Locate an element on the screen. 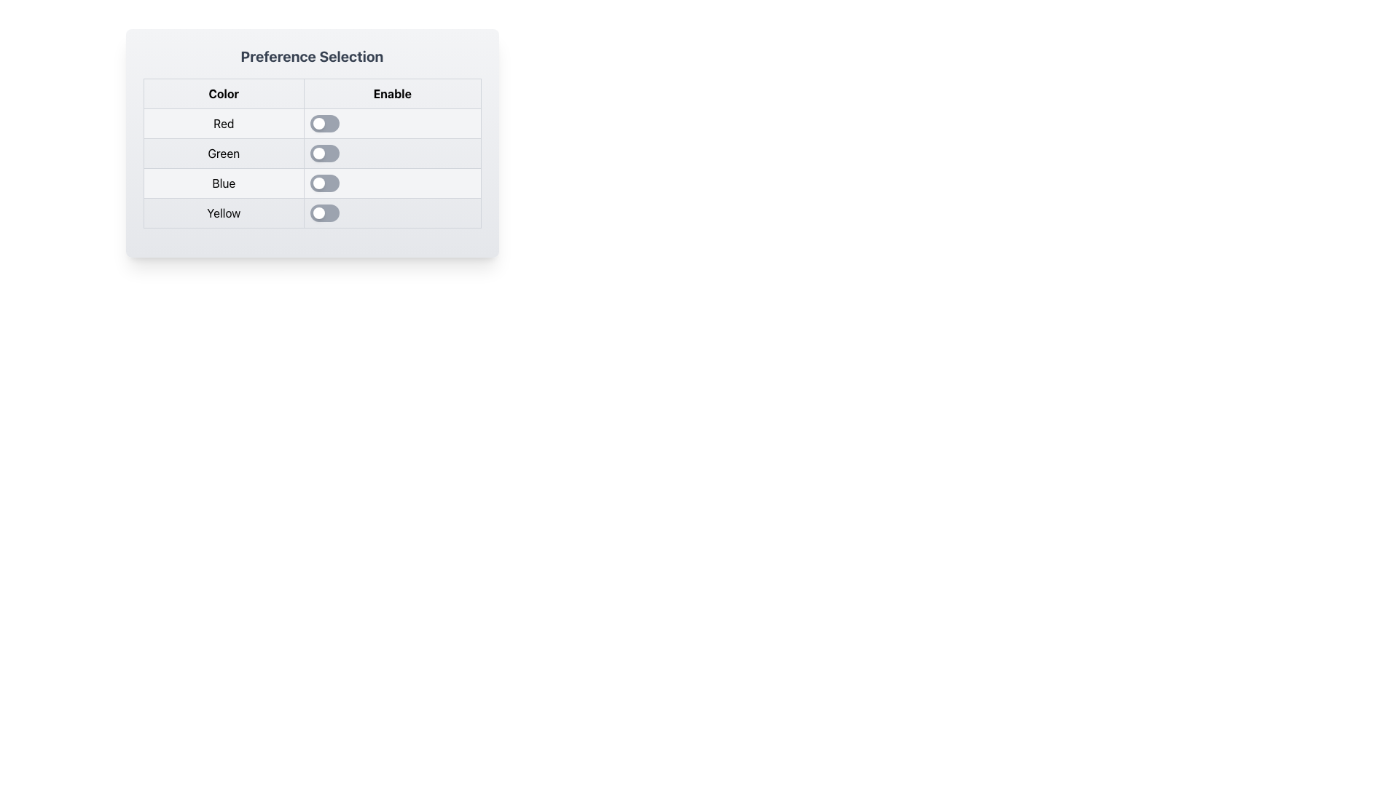 This screenshot has height=786, width=1399. the toggle switch labeled 'Yellow' in the 'Enable' column of the 'Preference Selection' table is located at coordinates (311, 213).